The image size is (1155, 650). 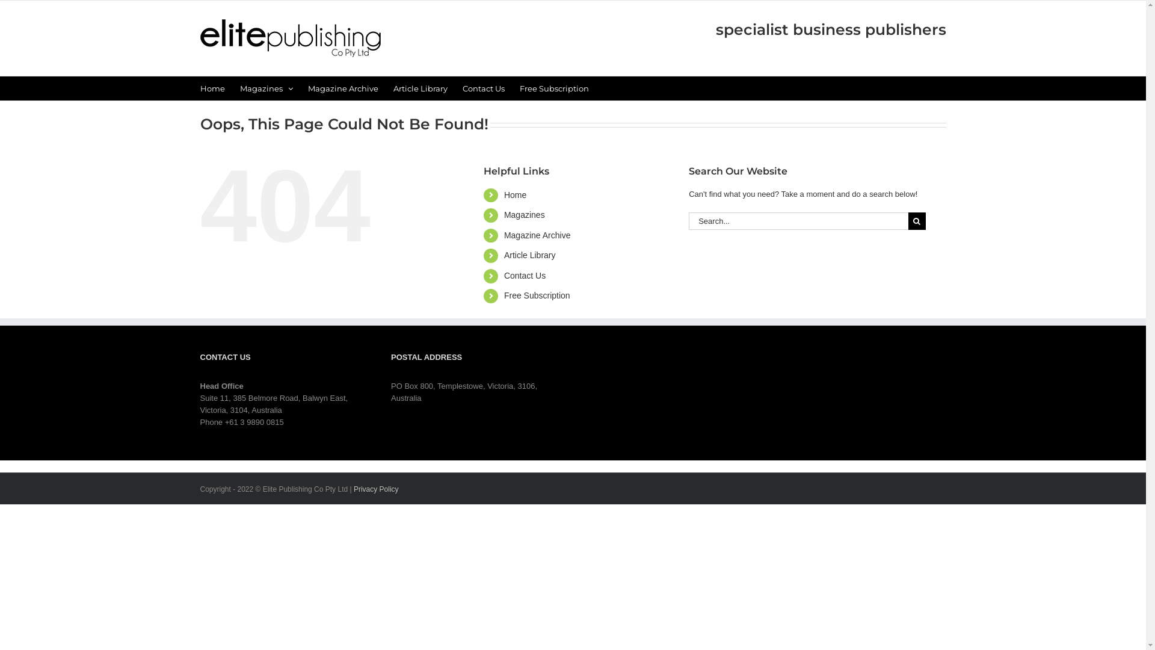 I want to click on 'Privacy Policy', so click(x=375, y=489).